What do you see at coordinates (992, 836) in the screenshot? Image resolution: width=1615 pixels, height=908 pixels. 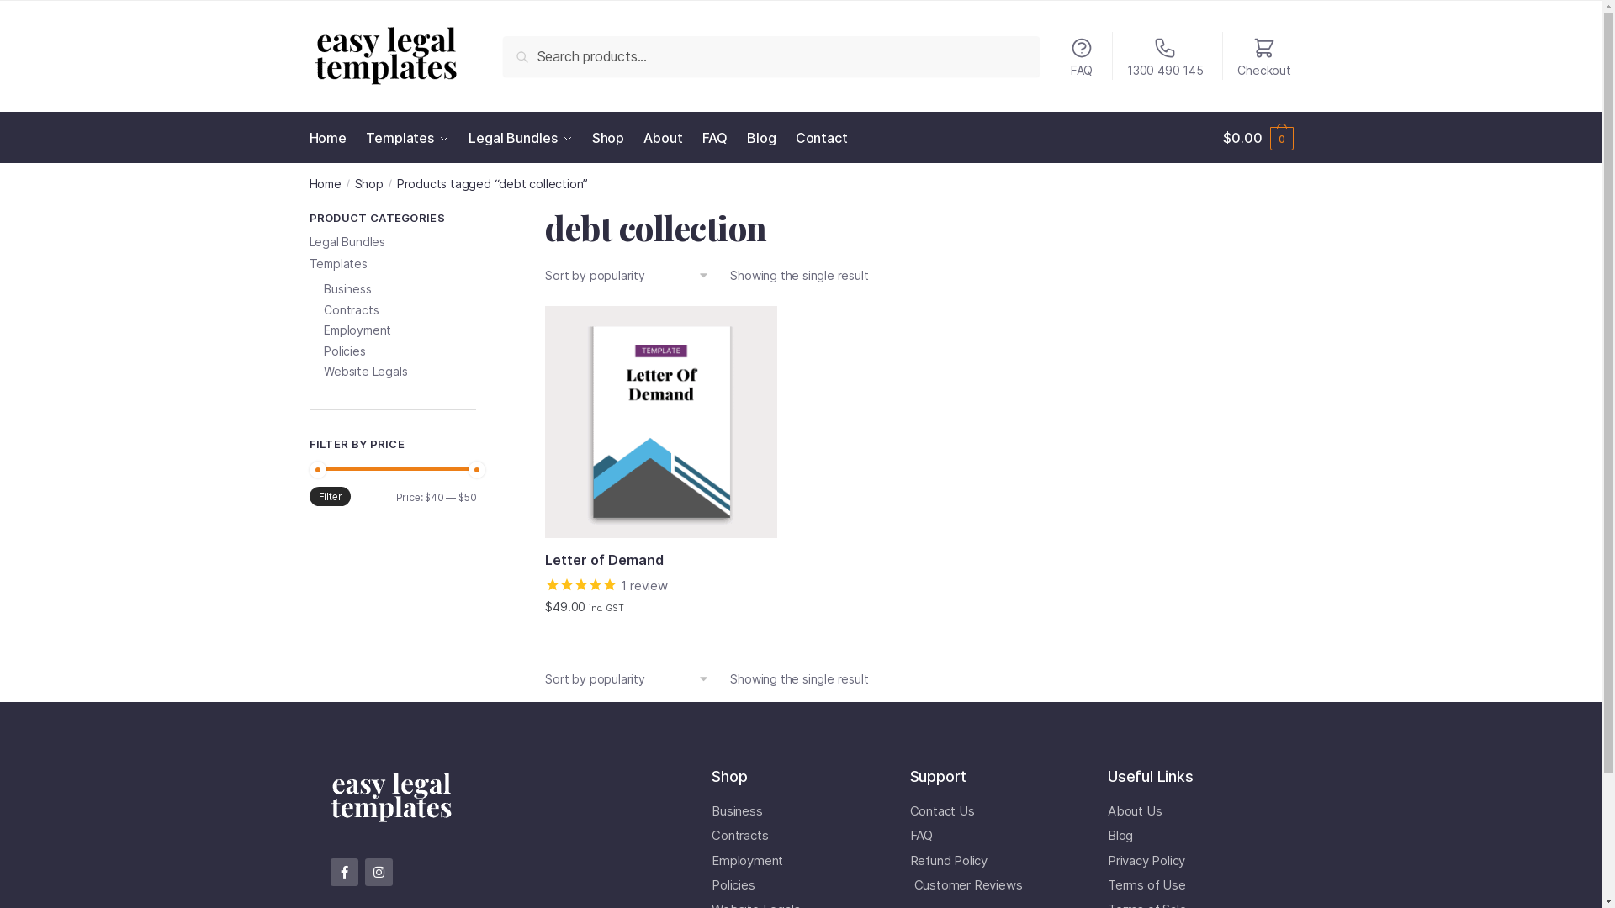 I see `'FAQ'` at bounding box center [992, 836].